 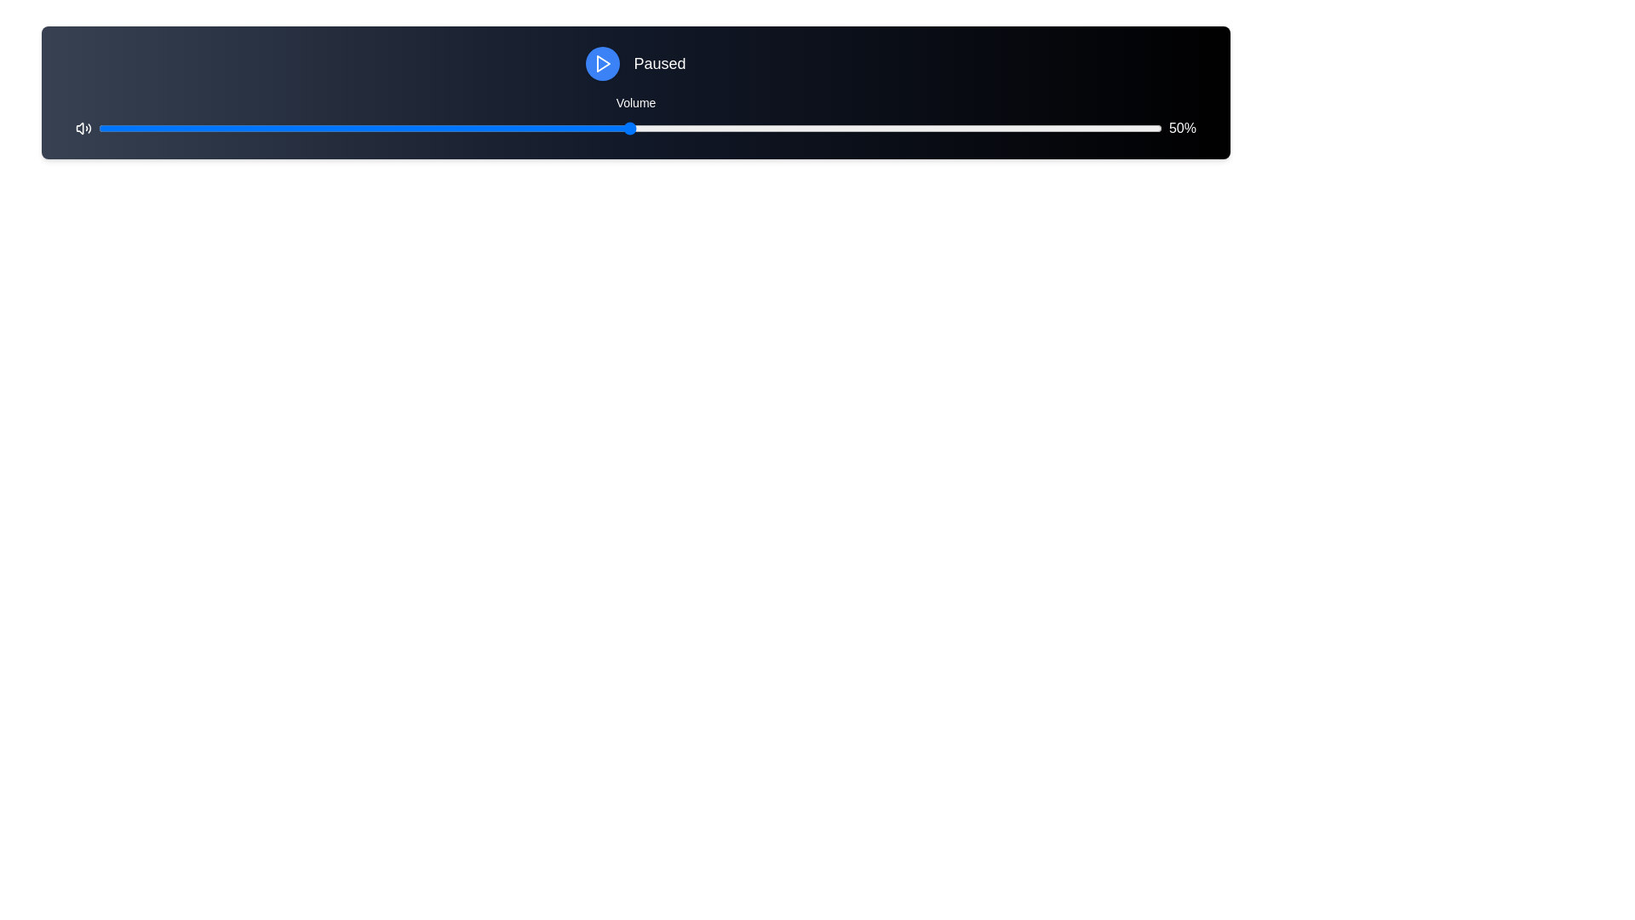 What do you see at coordinates (737, 127) in the screenshot?
I see `the volume` at bounding box center [737, 127].